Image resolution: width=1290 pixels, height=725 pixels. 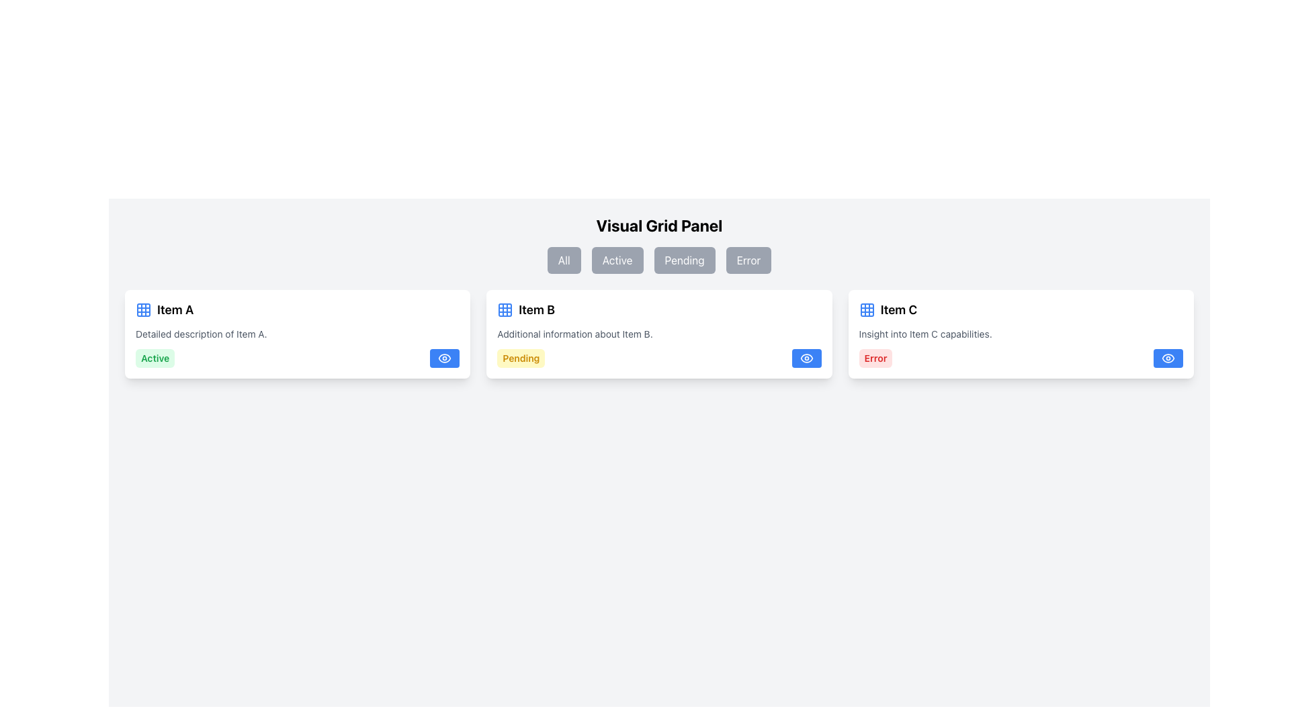 What do you see at coordinates (505, 310) in the screenshot?
I see `the blue grid icon located to the left of the text 'Item B' within the card for 'Item B'` at bounding box center [505, 310].